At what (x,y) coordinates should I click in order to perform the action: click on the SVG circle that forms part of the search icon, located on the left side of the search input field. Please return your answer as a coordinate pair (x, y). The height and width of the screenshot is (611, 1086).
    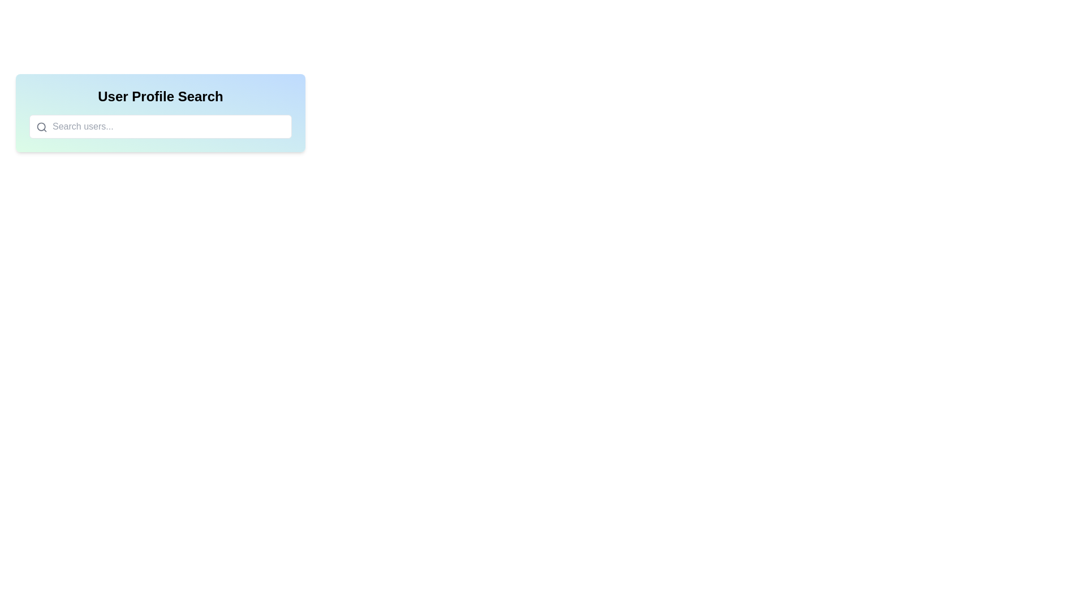
    Looking at the image, I should click on (41, 127).